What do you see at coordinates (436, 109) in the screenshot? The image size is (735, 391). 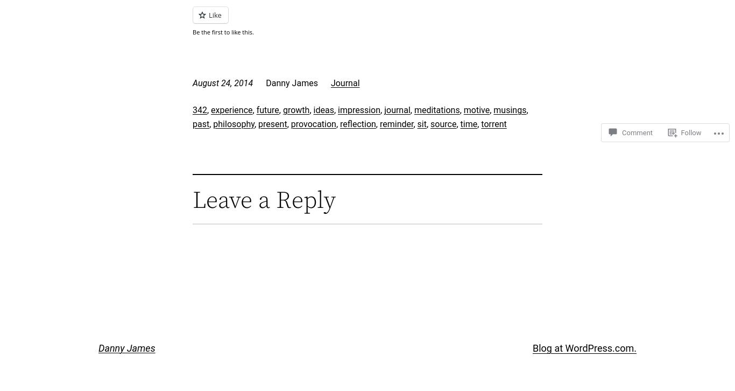 I see `'meditations'` at bounding box center [436, 109].